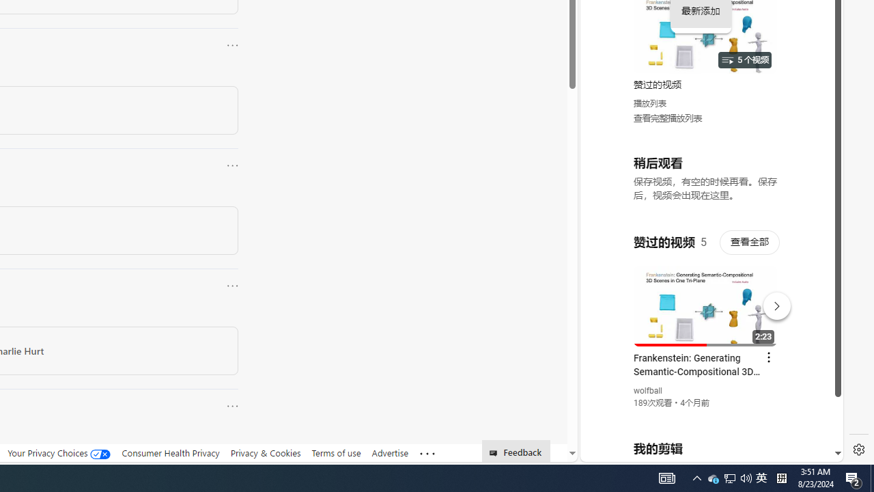 The width and height of the screenshot is (874, 492). What do you see at coordinates (426, 453) in the screenshot?
I see `'Class: oneFooter_seeMore-DS-EntryPoint1-1'` at bounding box center [426, 453].